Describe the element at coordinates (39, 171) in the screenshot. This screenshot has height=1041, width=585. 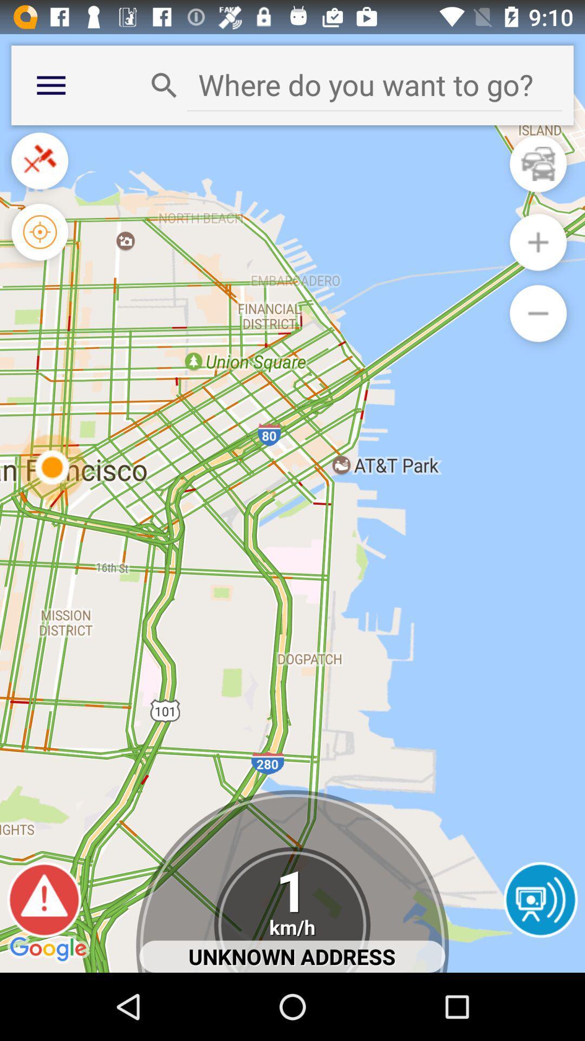
I see `the close icon` at that location.